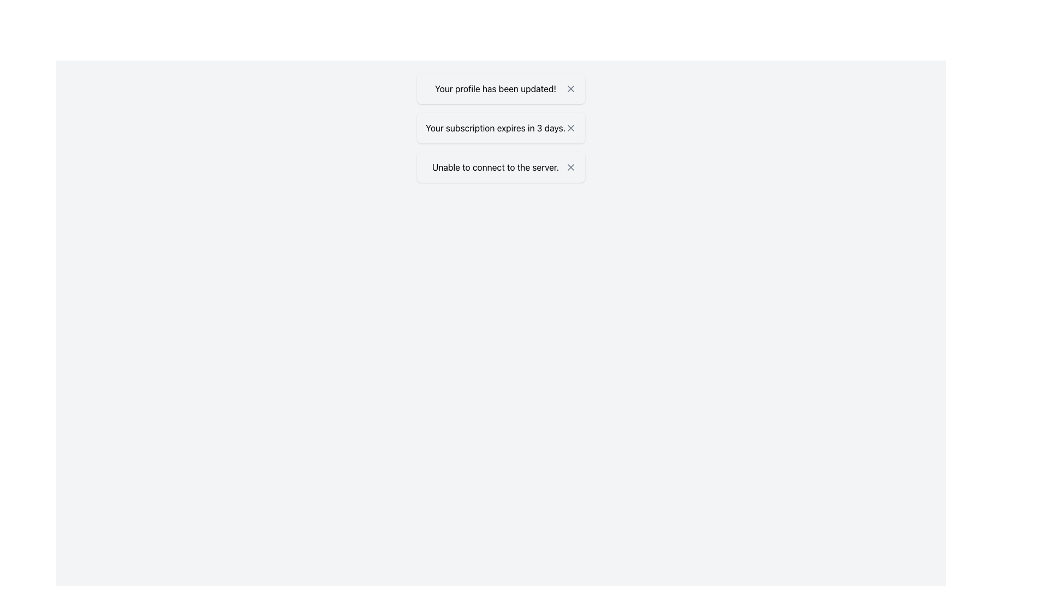  I want to click on the notification card at the top of the notification list, so click(500, 88).